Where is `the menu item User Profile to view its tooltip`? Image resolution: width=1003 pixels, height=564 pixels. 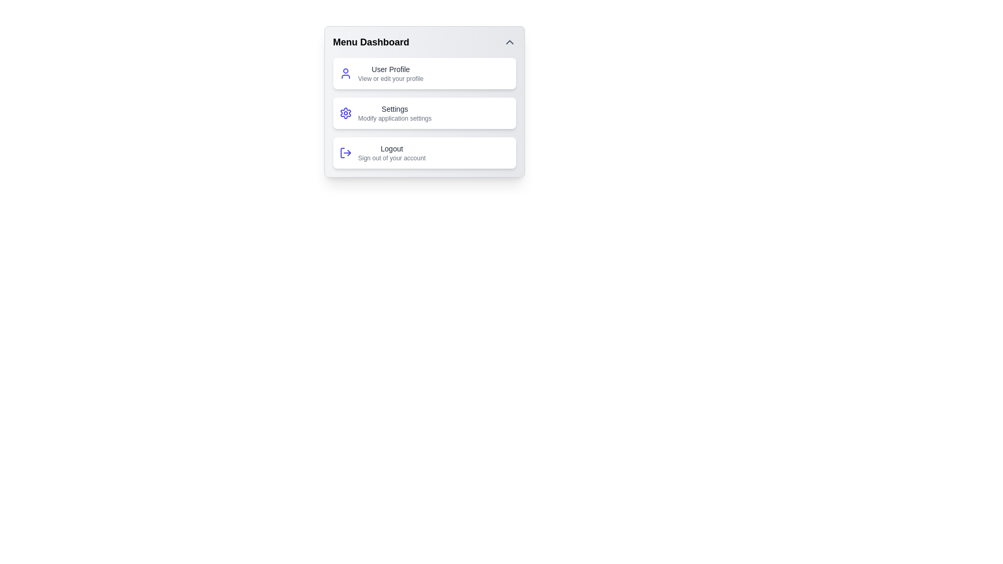 the menu item User Profile to view its tooltip is located at coordinates (424, 73).